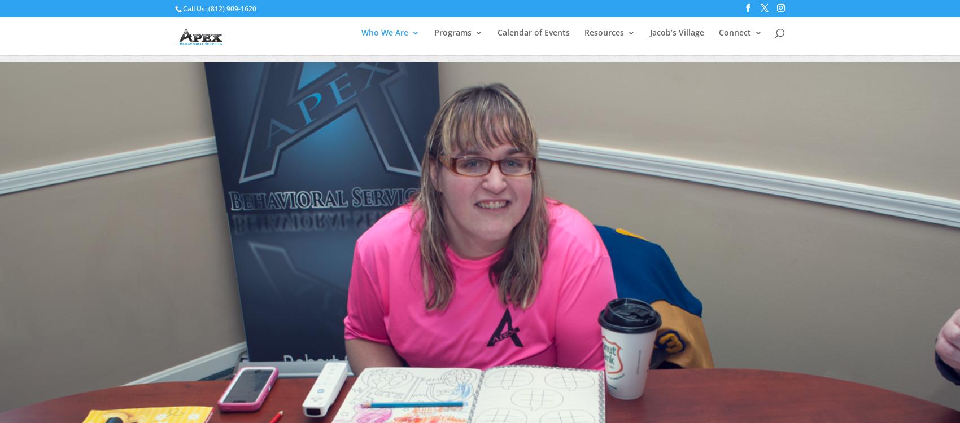 This screenshot has width=960, height=423. Describe the element at coordinates (768, 108) in the screenshot. I see `'Contact'` at that location.